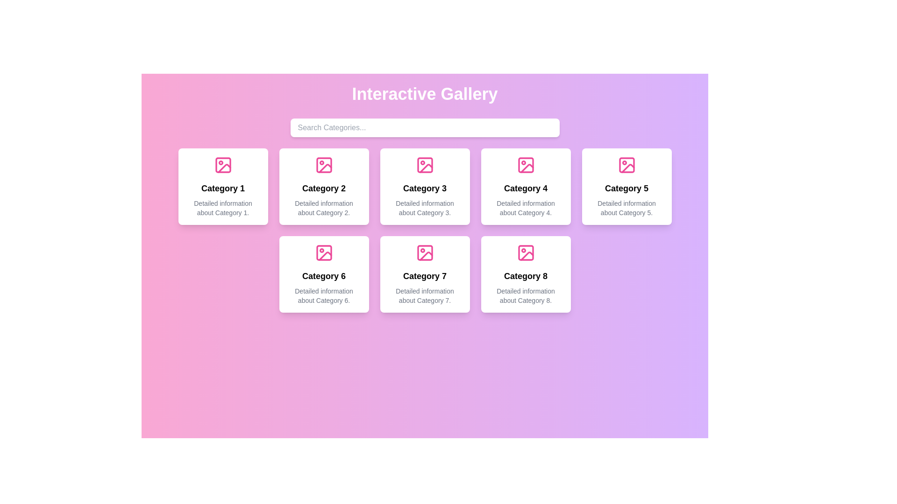  I want to click on the 'Category 4' card, which is the fourth card in a horizontally aligned grid of category cards, so click(526, 187).